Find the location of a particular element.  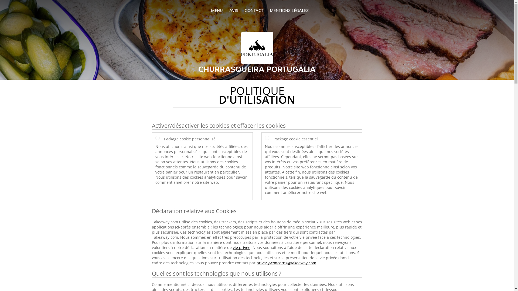

'MENU' is located at coordinates (217, 10).